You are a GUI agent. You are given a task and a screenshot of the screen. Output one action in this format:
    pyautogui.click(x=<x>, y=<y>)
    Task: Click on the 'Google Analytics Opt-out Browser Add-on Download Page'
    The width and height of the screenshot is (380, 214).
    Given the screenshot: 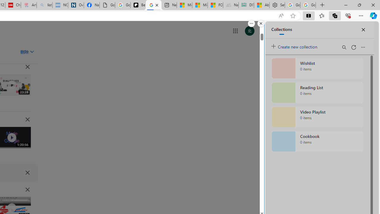 What is the action you would take?
    pyautogui.click(x=107, y=5)
    